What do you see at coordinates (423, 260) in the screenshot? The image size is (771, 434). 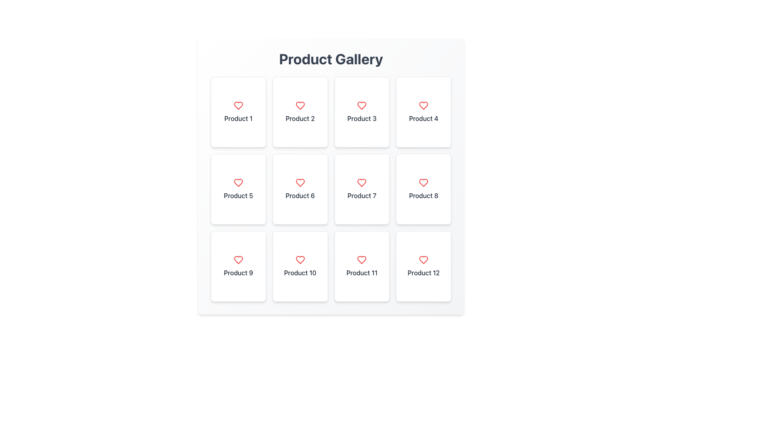 I see `the stylized heart icon located in the twelfth product card of a 4x3 grid` at bounding box center [423, 260].